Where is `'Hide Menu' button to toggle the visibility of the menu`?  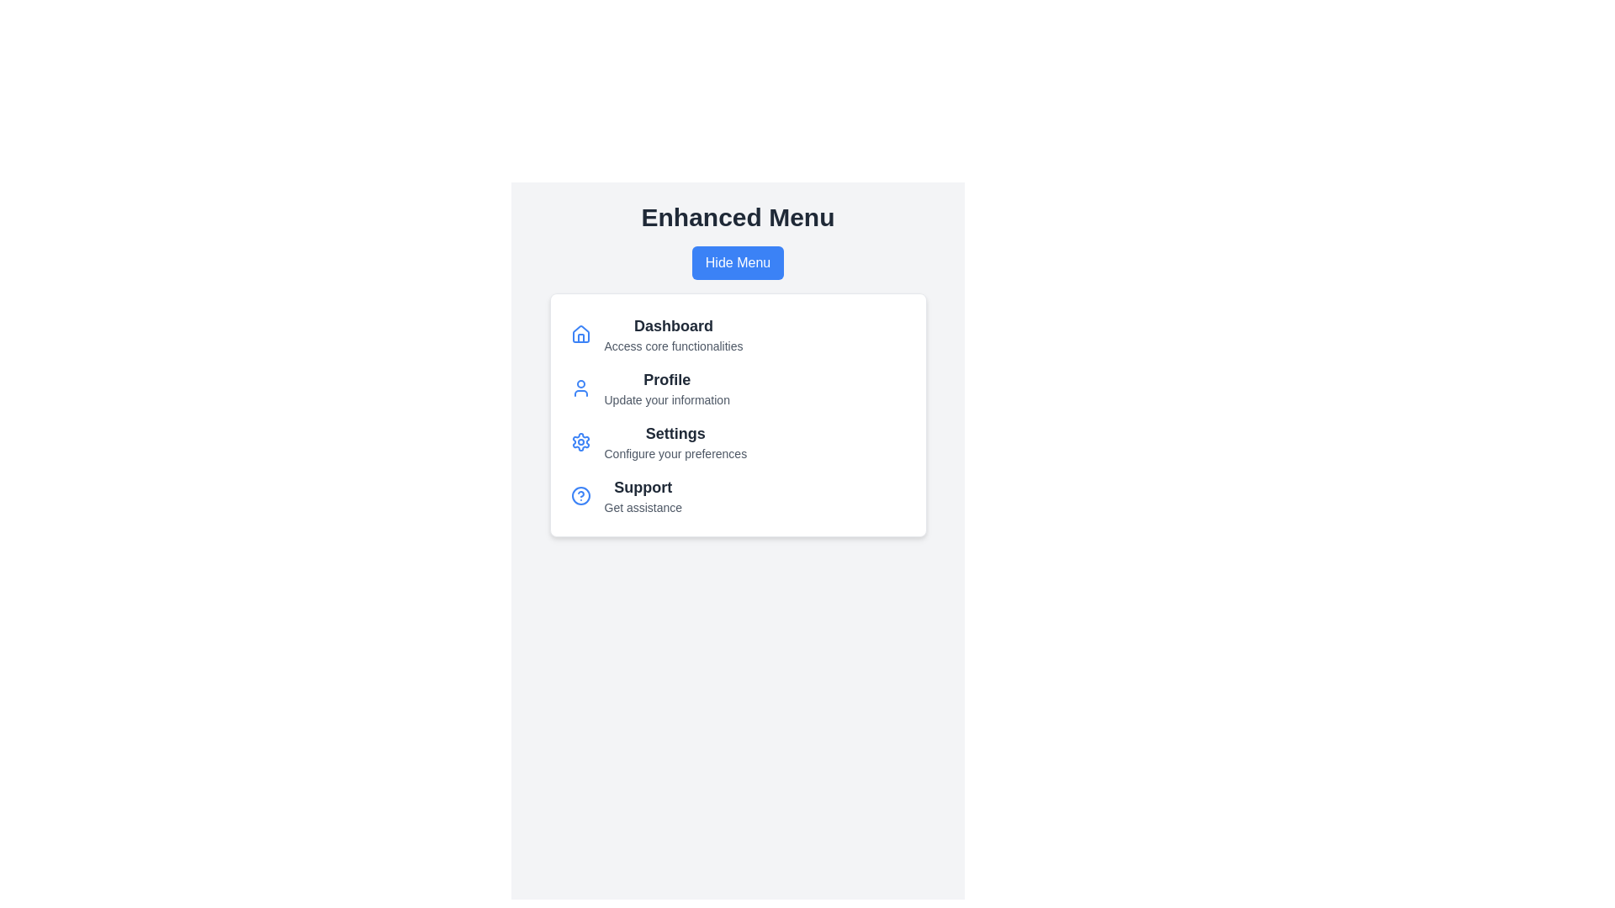 'Hide Menu' button to toggle the visibility of the menu is located at coordinates (738, 262).